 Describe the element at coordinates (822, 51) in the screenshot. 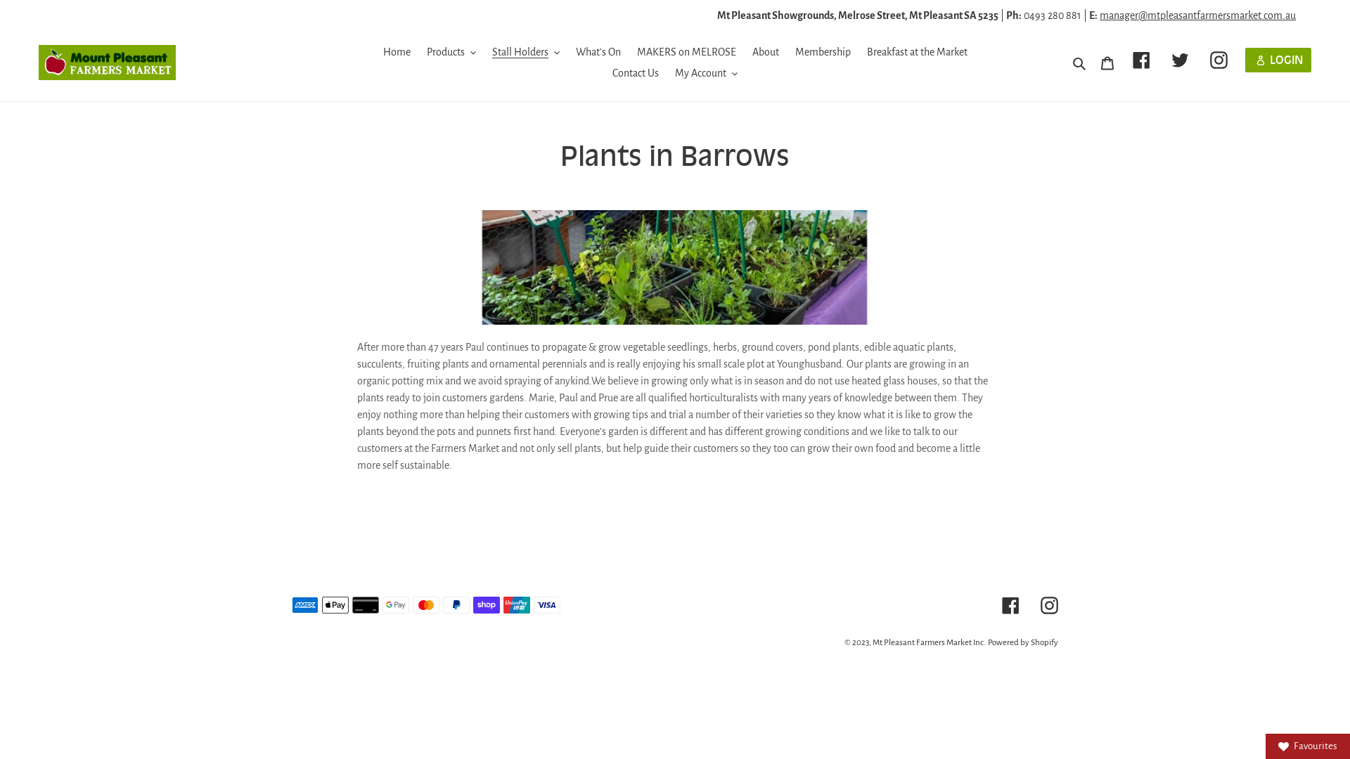

I see `'Membership'` at that location.